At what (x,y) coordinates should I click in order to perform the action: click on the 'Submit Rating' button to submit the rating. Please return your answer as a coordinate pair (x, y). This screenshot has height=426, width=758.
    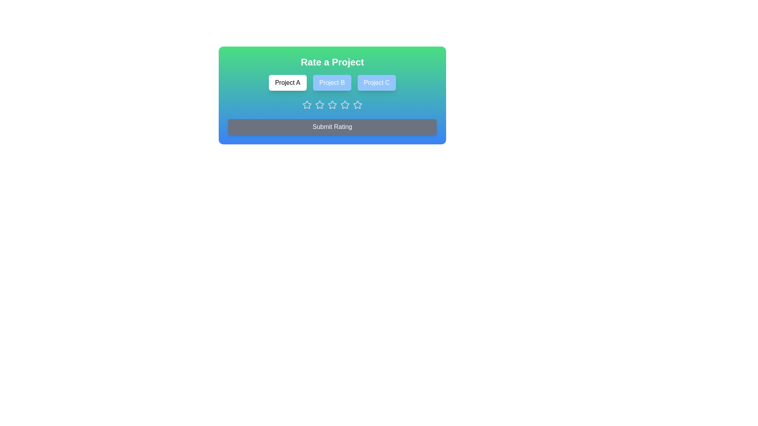
    Looking at the image, I should click on (332, 126).